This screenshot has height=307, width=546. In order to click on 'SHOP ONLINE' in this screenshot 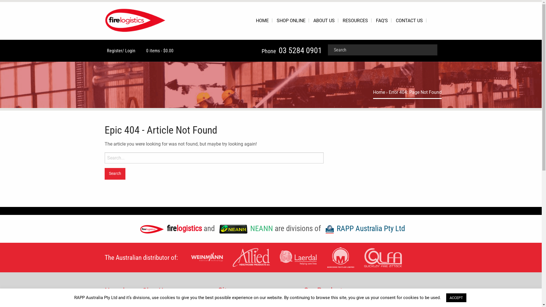, I will do `click(291, 20)`.